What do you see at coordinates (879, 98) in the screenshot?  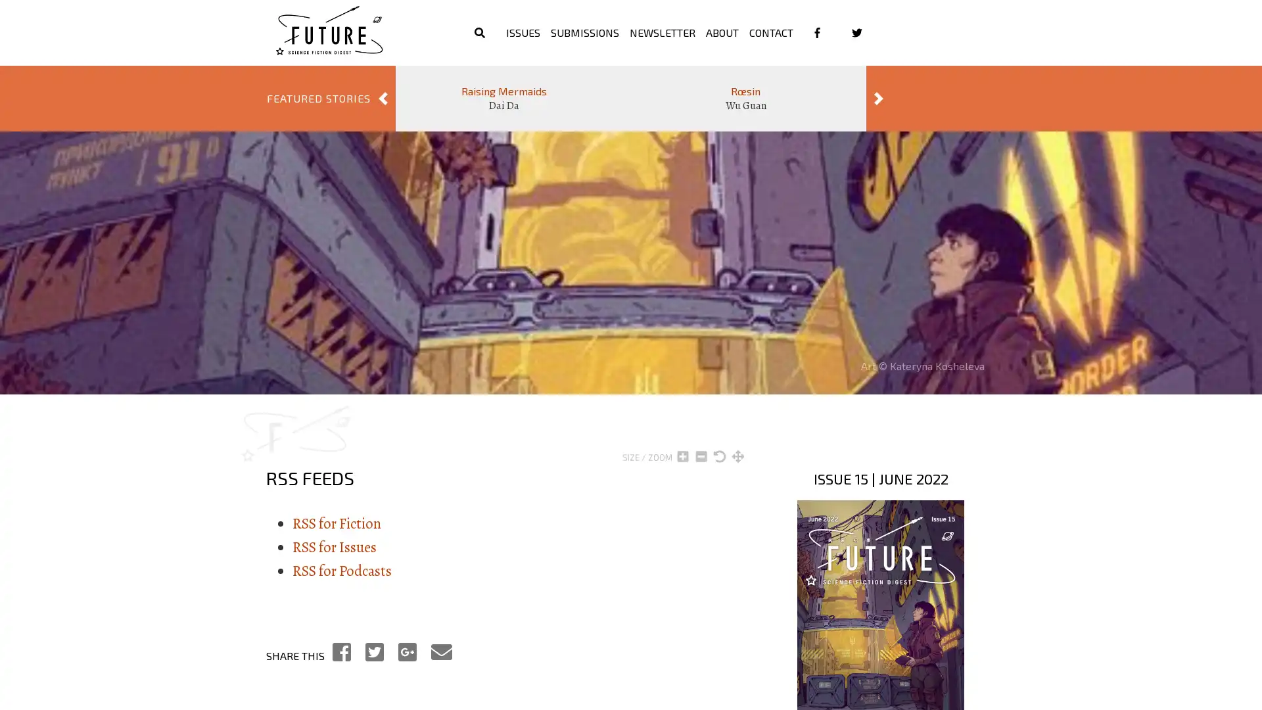 I see `Next` at bounding box center [879, 98].